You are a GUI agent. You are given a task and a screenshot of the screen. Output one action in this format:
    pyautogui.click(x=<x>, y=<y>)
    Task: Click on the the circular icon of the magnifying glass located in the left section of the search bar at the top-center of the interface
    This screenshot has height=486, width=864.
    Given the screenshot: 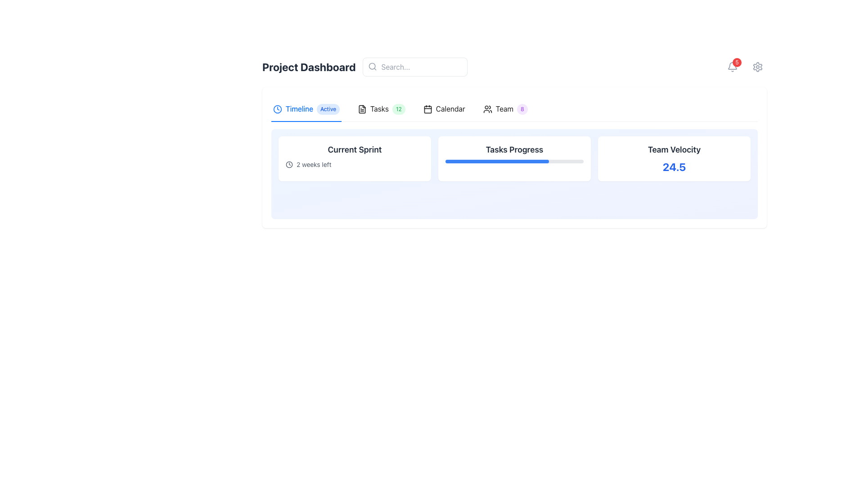 What is the action you would take?
    pyautogui.click(x=372, y=66)
    